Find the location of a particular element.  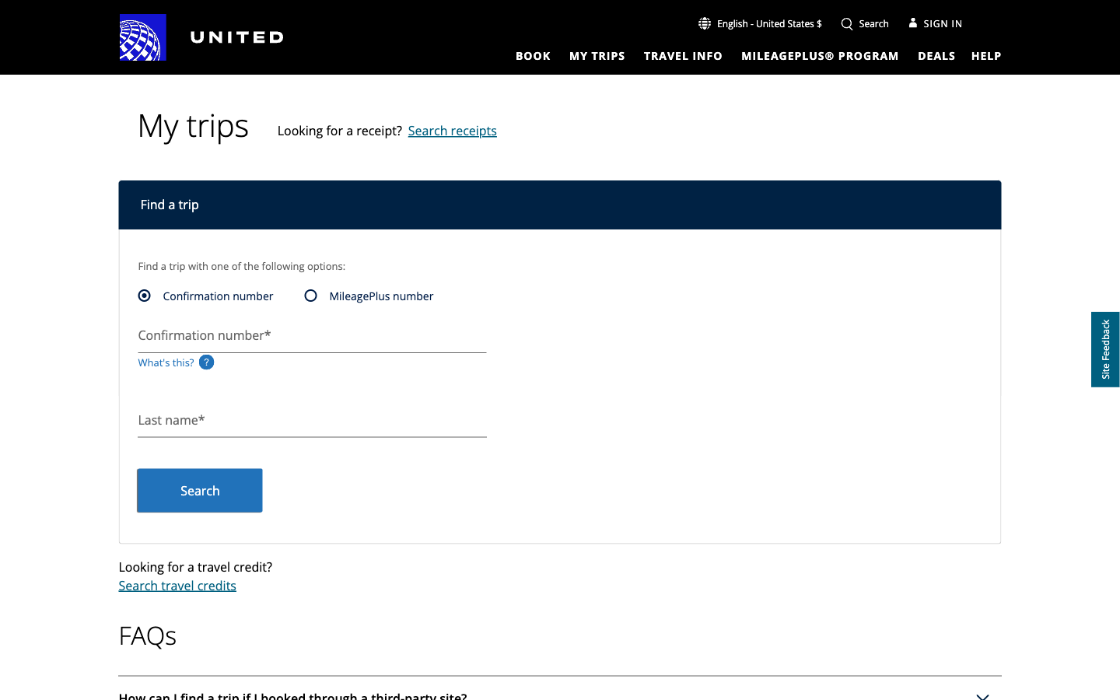

Redirect to the search travel credits is located at coordinates (177, 585).